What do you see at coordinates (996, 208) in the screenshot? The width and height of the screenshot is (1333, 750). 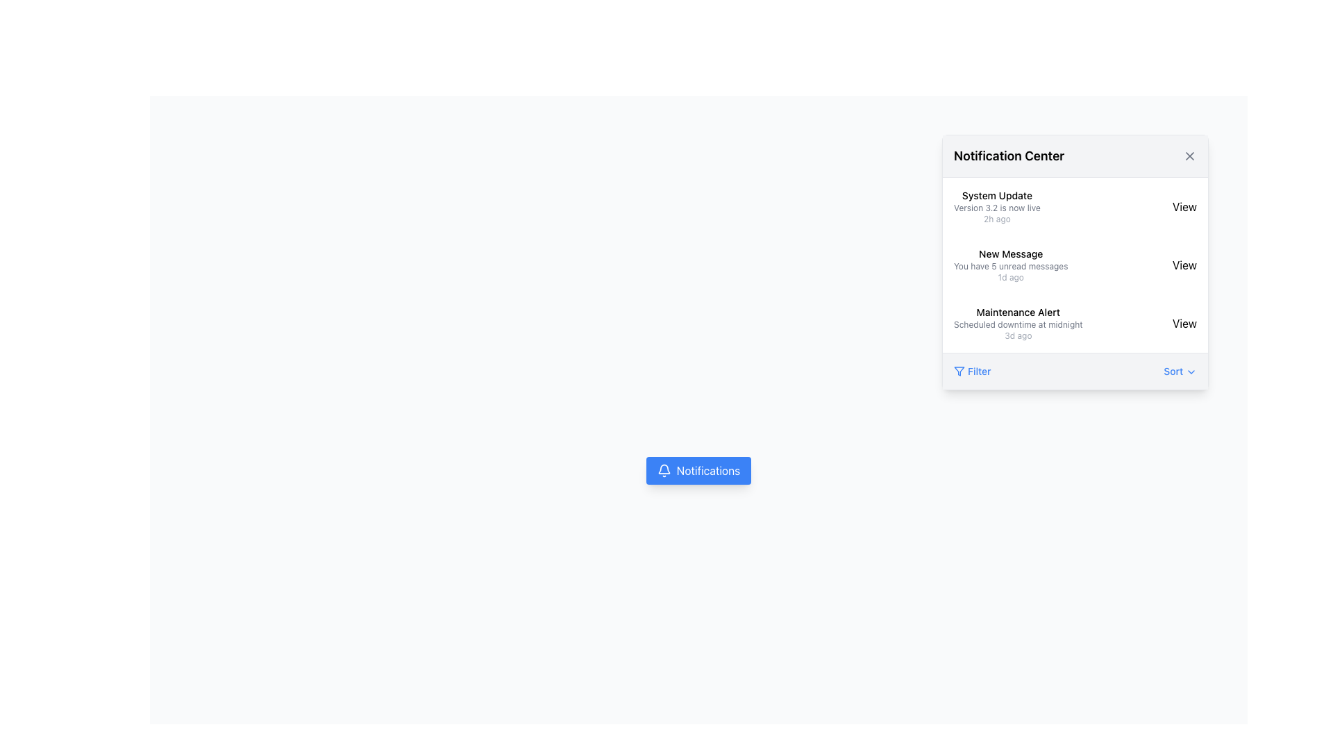 I see `the text display reading 'Version 3.2 is now live', which is styled in gray and positioned below 'System Update' in the Notification Center dialog` at bounding box center [996, 208].